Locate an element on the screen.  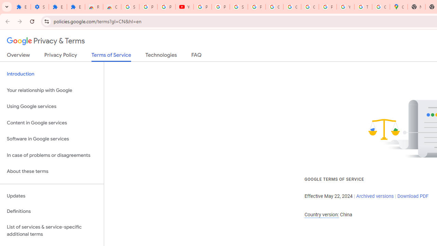
'Archived versions' is located at coordinates (375, 196).